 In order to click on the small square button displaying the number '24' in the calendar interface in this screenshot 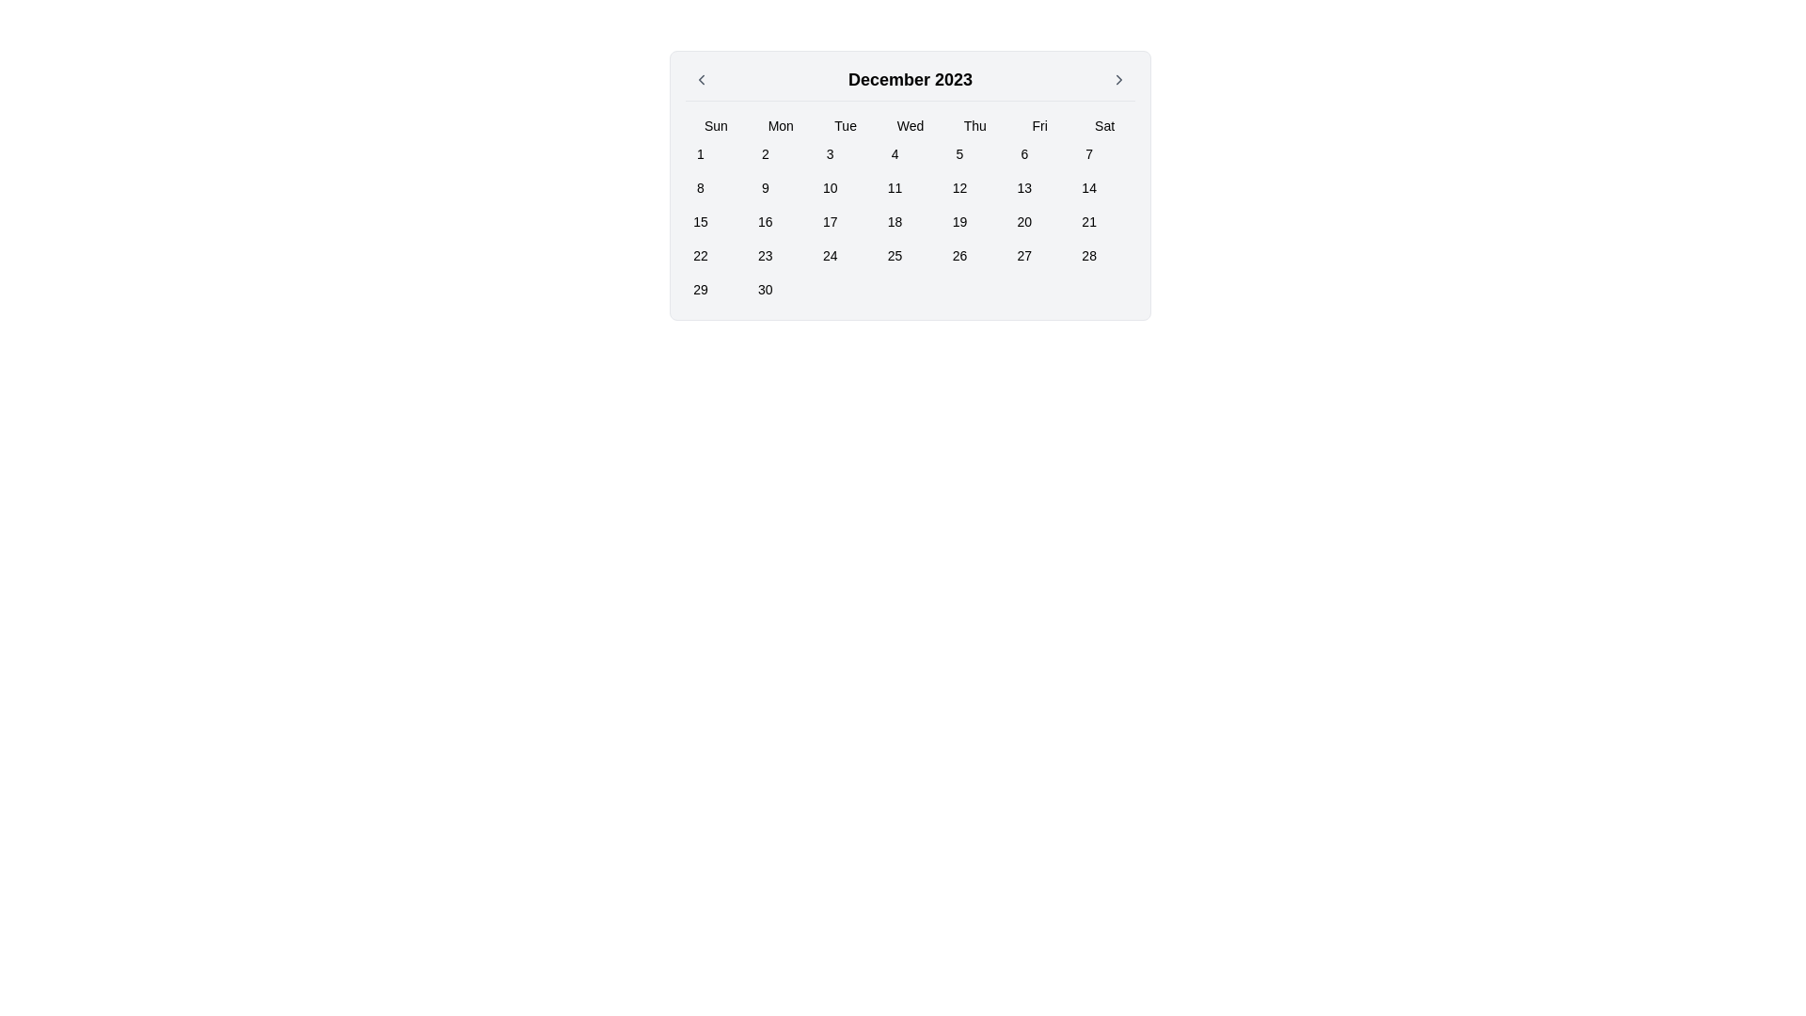, I will do `click(829, 256)`.